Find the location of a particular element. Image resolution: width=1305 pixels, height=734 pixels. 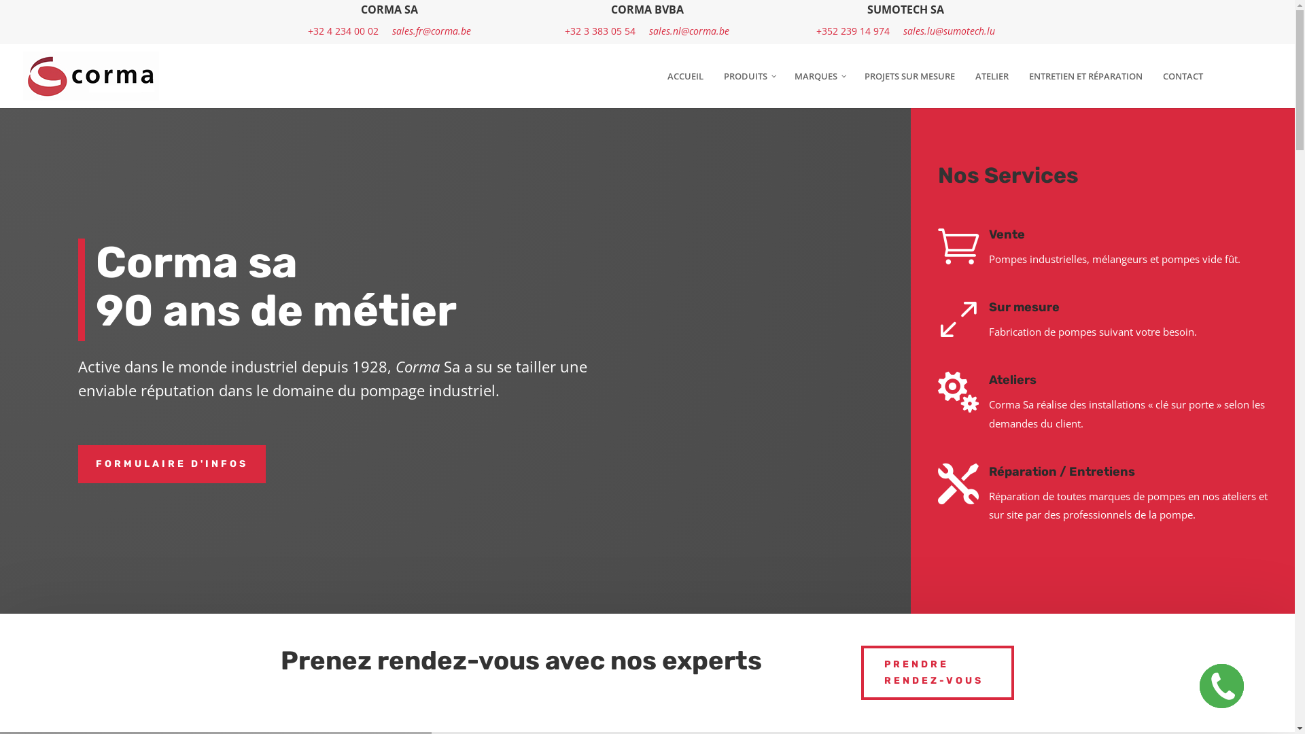

'sales.fr@corma.be' is located at coordinates (430, 31).